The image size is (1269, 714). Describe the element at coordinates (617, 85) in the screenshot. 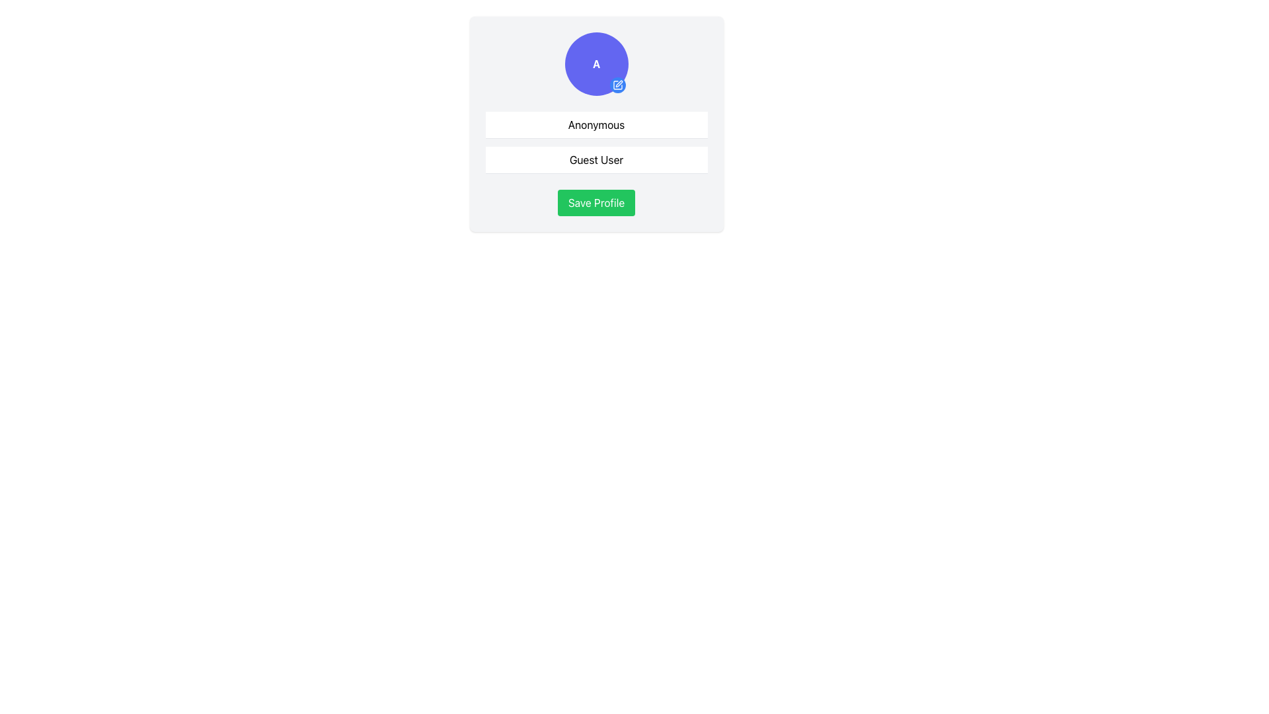

I see `the small blue circular button with a white pen icon located at the bottom-right corner of the avatar component labeled 'A'` at that location.